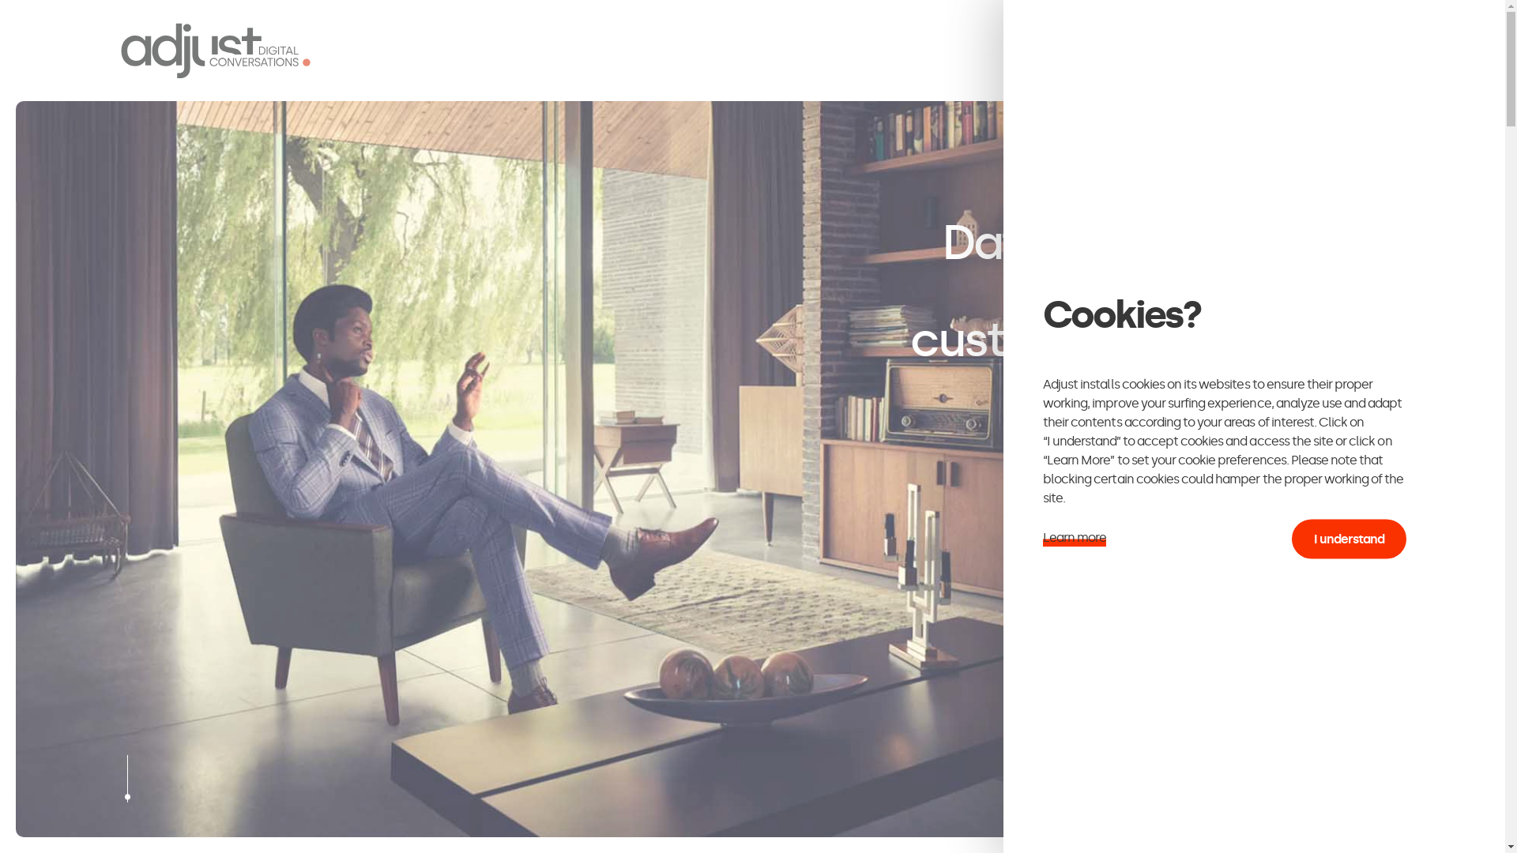 This screenshot has width=1517, height=853. What do you see at coordinates (1074, 535) in the screenshot?
I see `'Learn more'` at bounding box center [1074, 535].